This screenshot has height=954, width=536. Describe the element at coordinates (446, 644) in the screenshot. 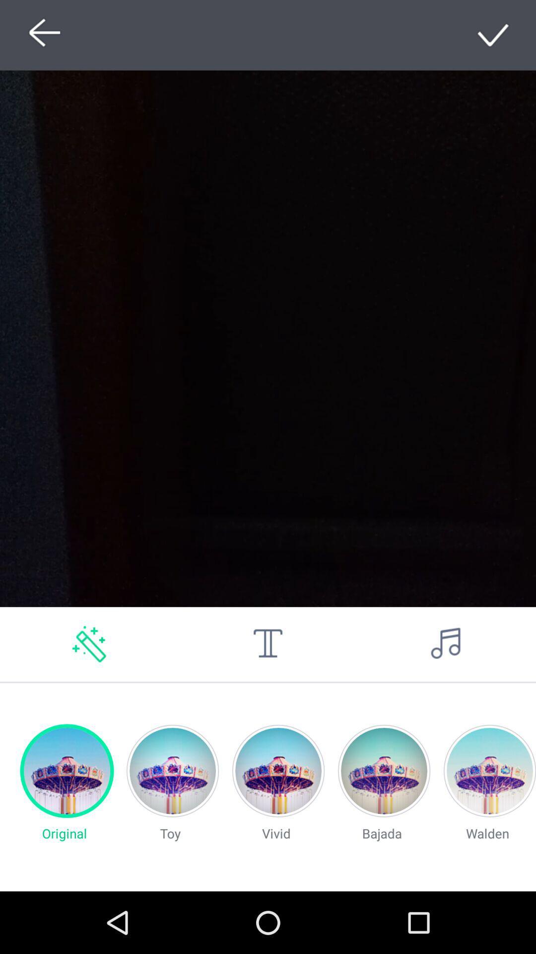

I see `music` at that location.